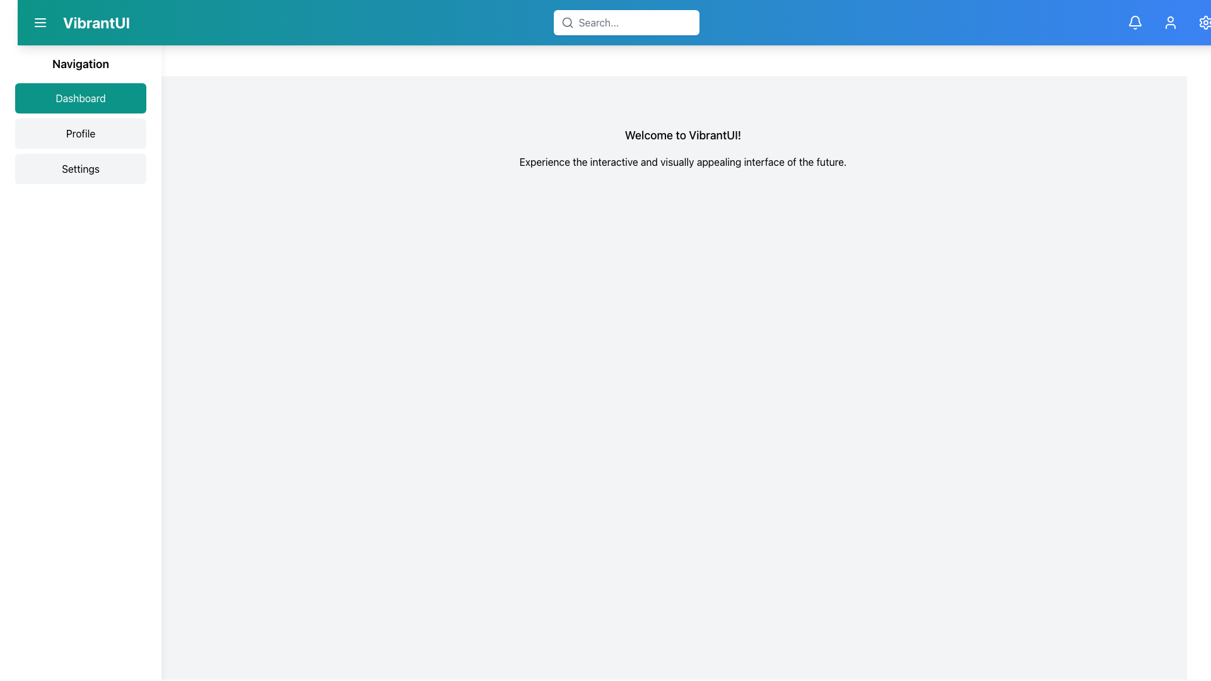 This screenshot has height=681, width=1211. Describe the element at coordinates (1170, 22) in the screenshot. I see `the user-related actions button located` at that location.